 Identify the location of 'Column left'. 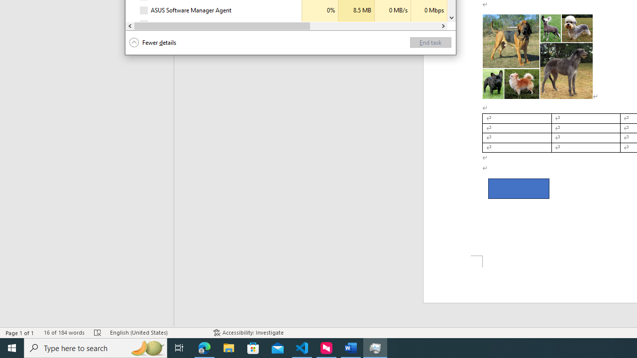
(129, 25).